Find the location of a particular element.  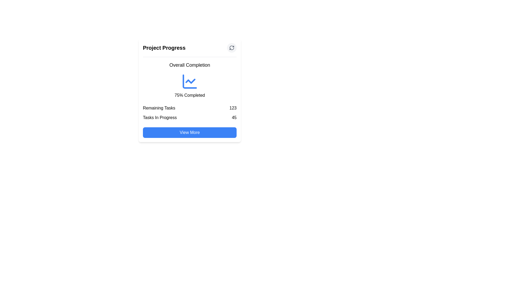

the circular refresh button located in the top-right corner of the 'Project Progress' card to reload the displayed information is located at coordinates (232, 48).